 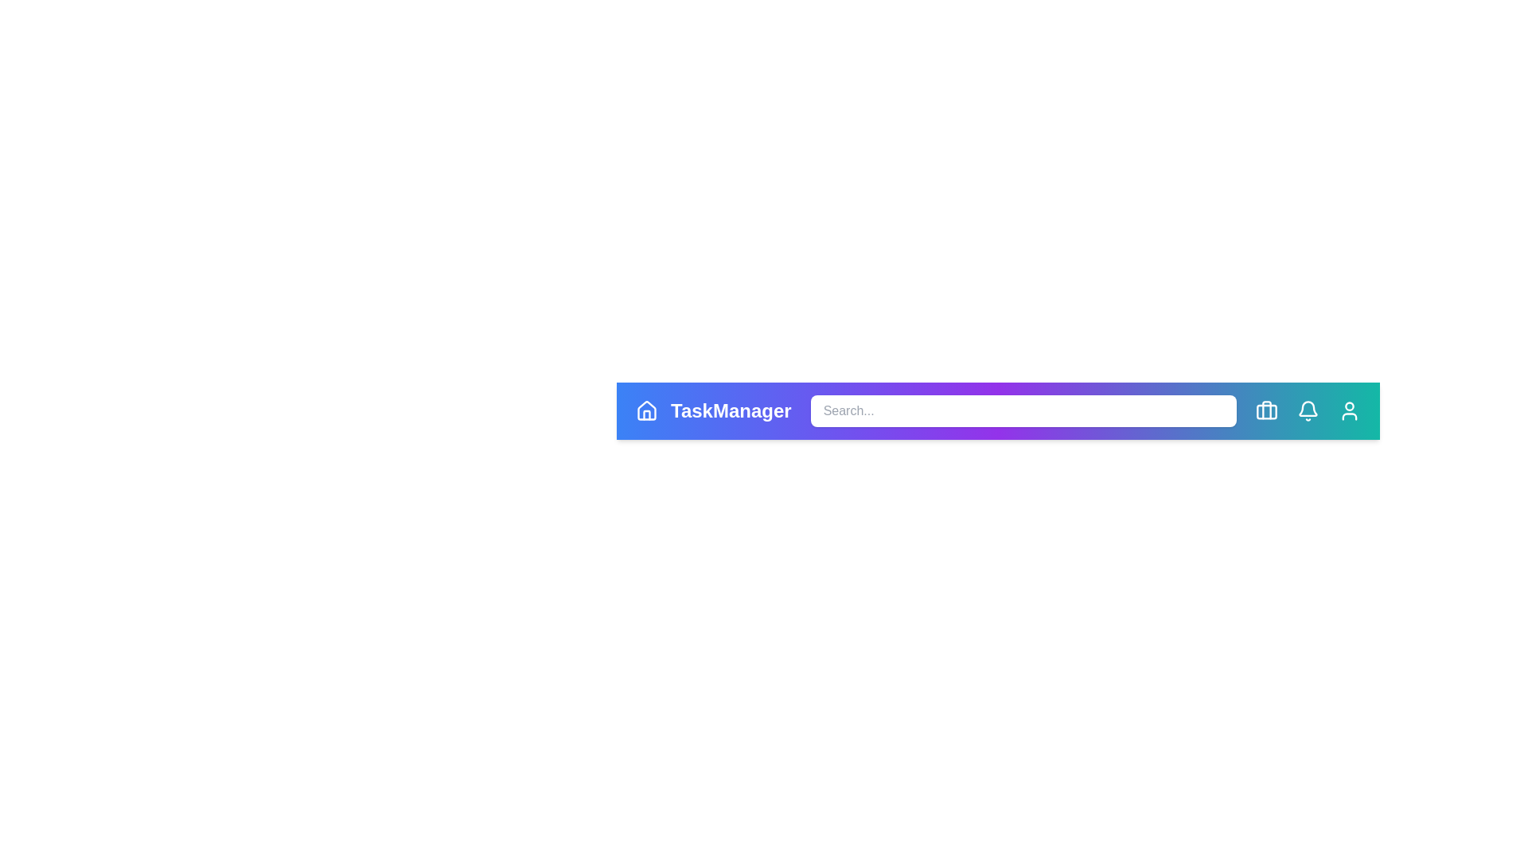 What do you see at coordinates (1308, 410) in the screenshot?
I see `the bell icon to view notifications` at bounding box center [1308, 410].